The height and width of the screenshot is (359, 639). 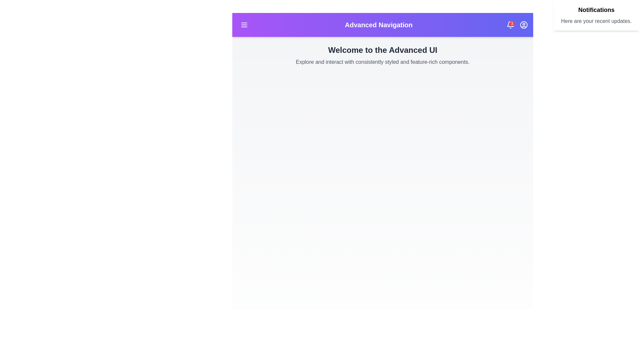 What do you see at coordinates (510, 24) in the screenshot?
I see `the notification bell icon to view recent notifications` at bounding box center [510, 24].